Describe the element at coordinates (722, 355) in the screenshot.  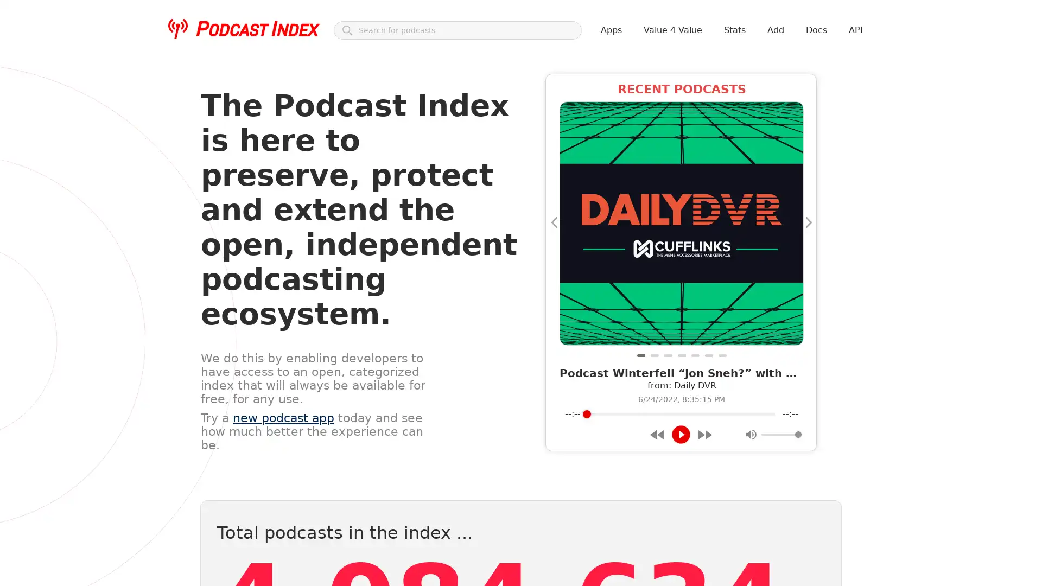
I see `Full Episode - 1347` at that location.